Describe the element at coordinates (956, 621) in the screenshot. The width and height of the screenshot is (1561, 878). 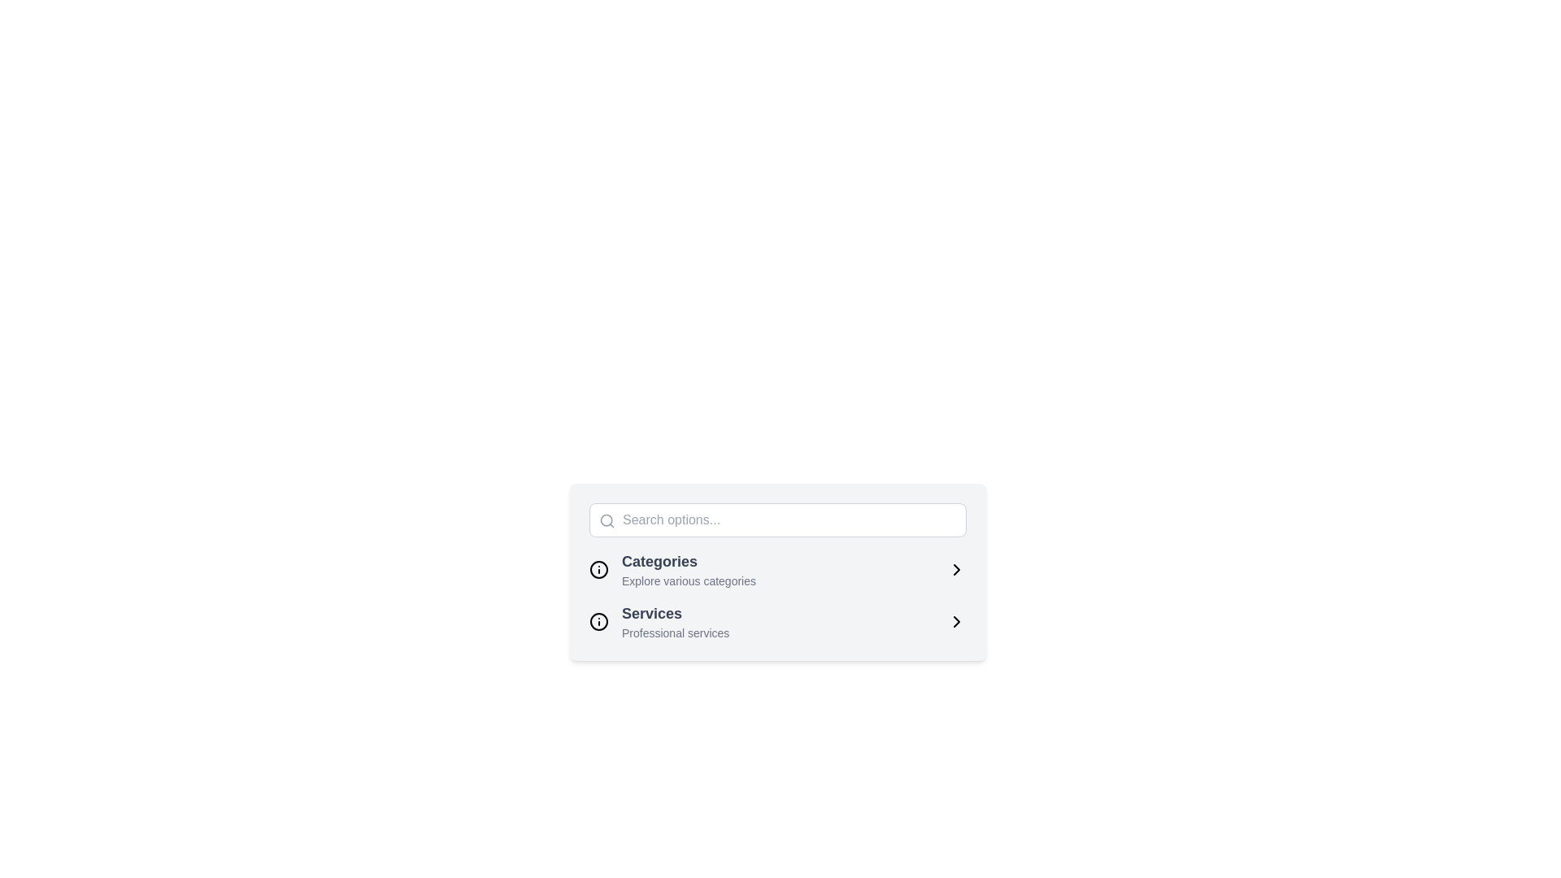
I see `the right-facing chevron icon at the end of the 'Services' entry in the menu` at that location.